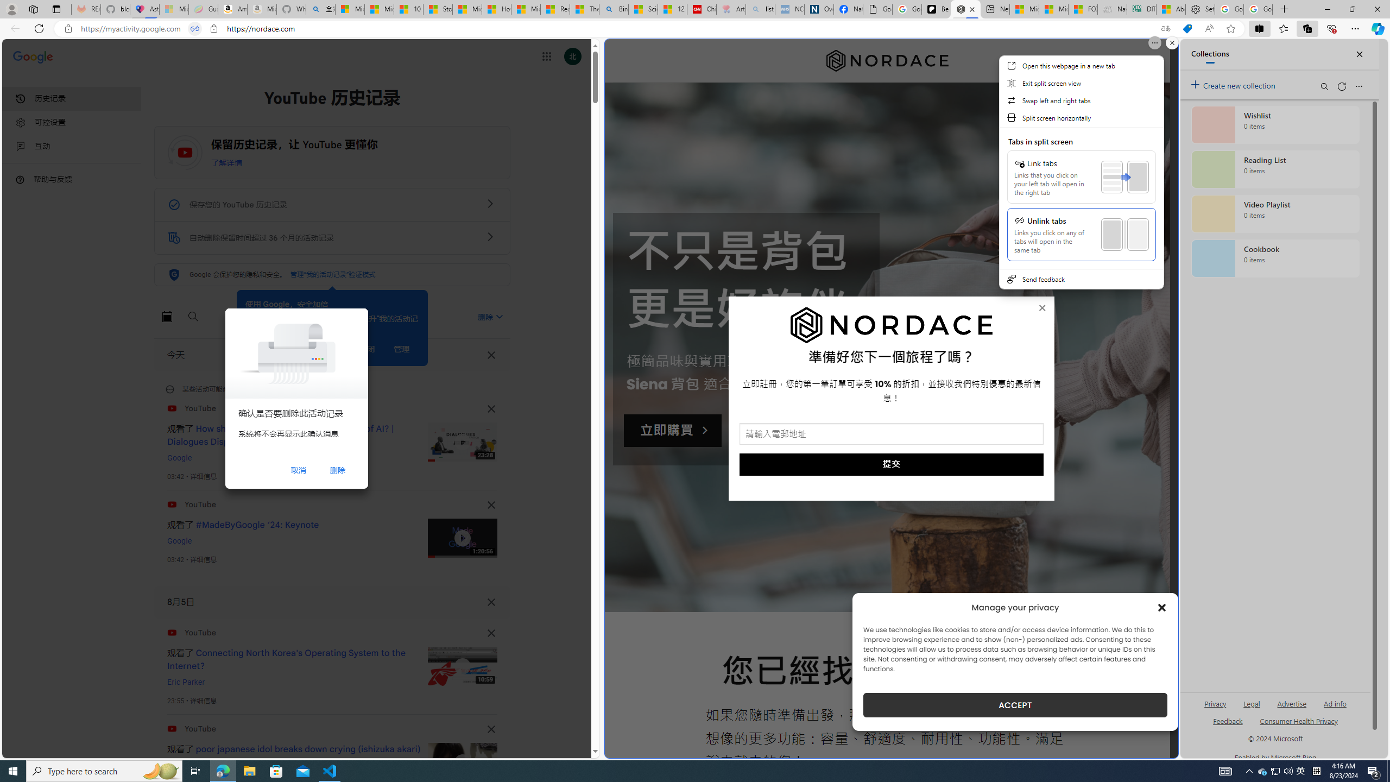 This screenshot has height=782, width=1390. What do you see at coordinates (643, 9) in the screenshot?
I see `'Science - MSN'` at bounding box center [643, 9].